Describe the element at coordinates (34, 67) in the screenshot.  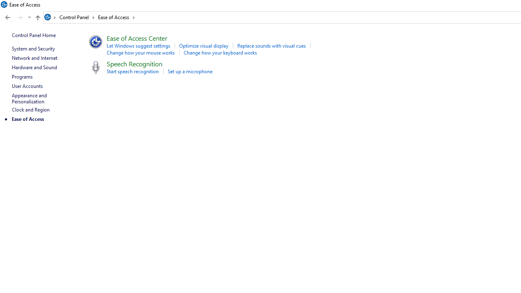
I see `'Hardware and Sound'` at that location.